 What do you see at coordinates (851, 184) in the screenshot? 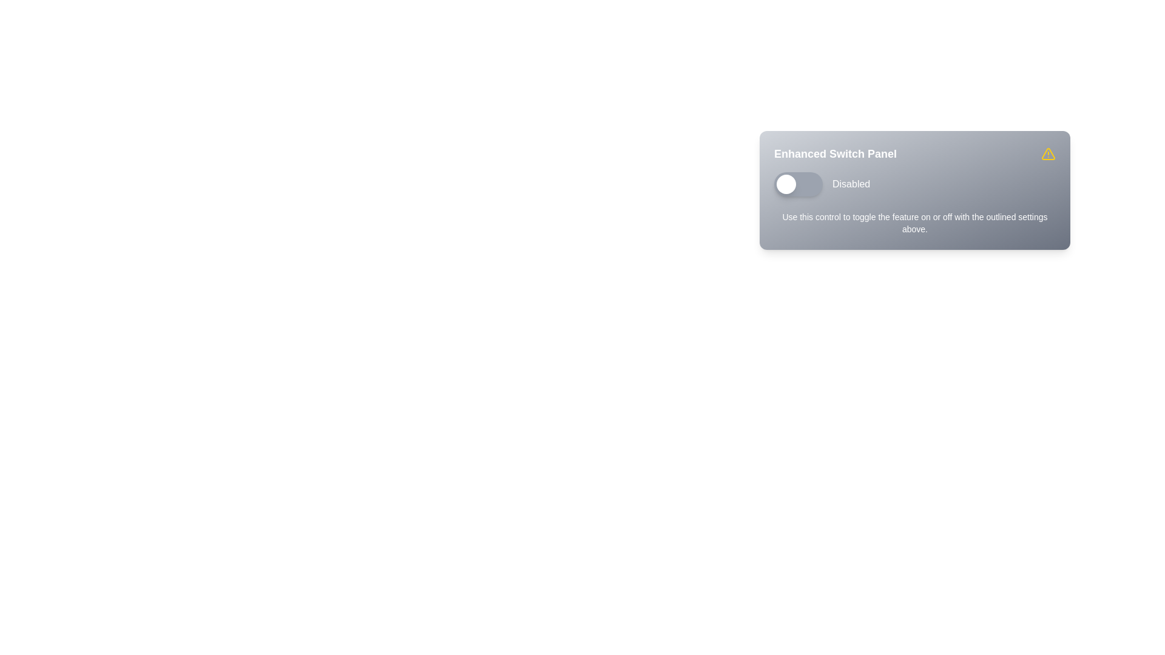
I see `the label indicating the state of the toggle switch within the 'Enhanced Switch Panel', located to the right of the toggle switch` at bounding box center [851, 184].